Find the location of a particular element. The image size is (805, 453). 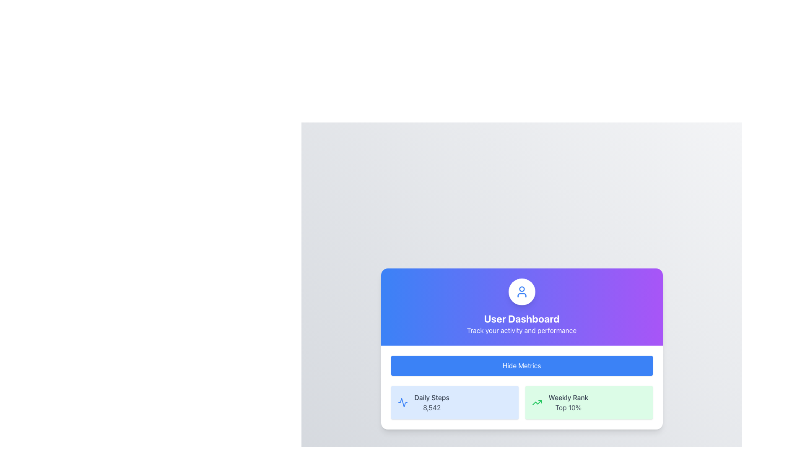

the text label indicating the weekly ranking of the user, located in the bottom-right card of the dashboard interface is located at coordinates (568, 397).